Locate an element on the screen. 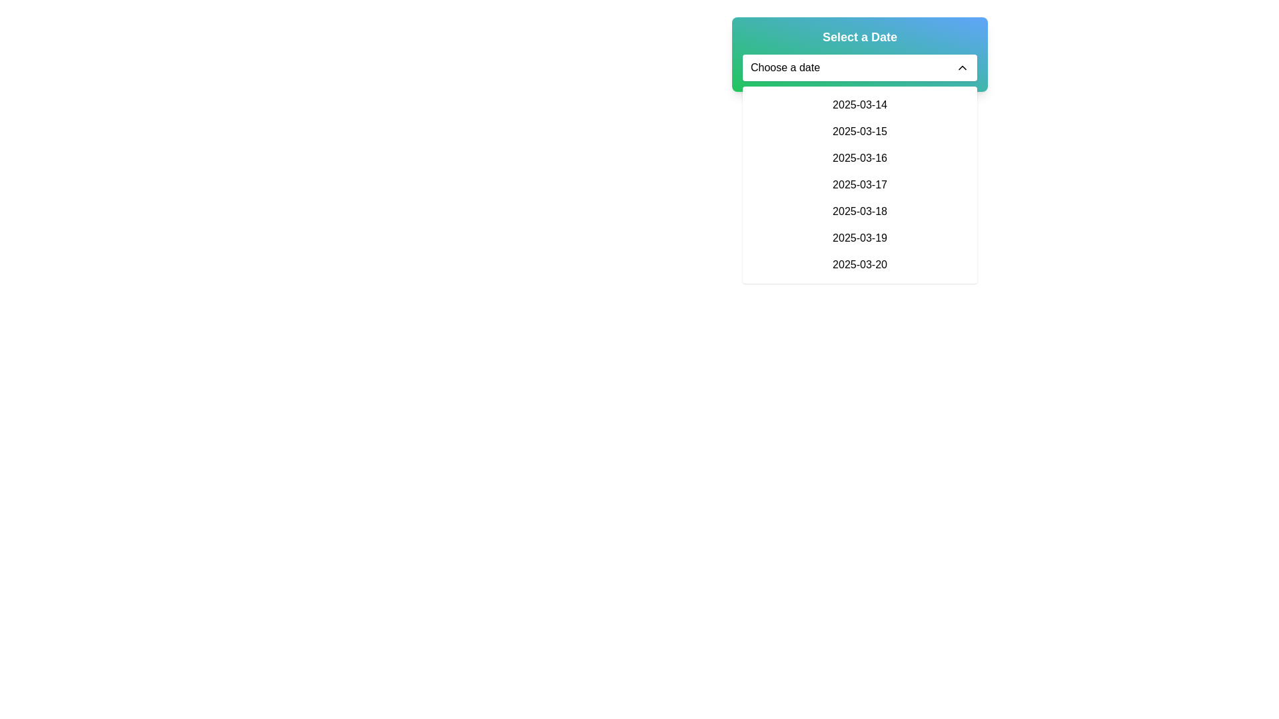 The image size is (1279, 719). the dropdown menu labeled 'Choose a date' is located at coordinates (860, 67).